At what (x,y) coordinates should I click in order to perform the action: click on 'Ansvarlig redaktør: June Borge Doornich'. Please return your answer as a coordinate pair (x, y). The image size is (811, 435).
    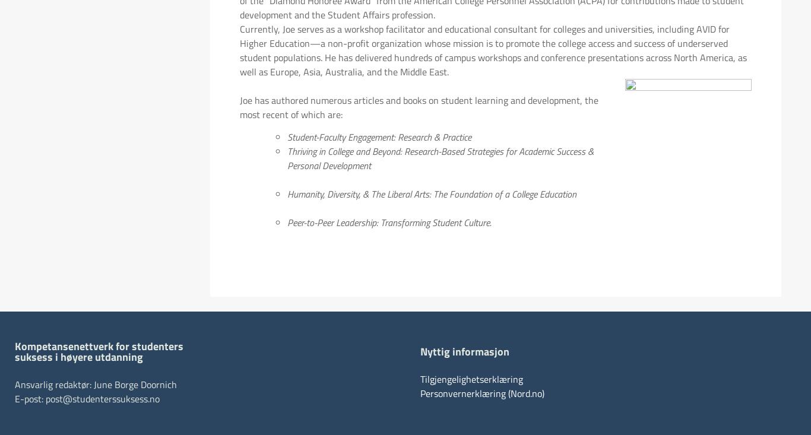
    Looking at the image, I should click on (95, 383).